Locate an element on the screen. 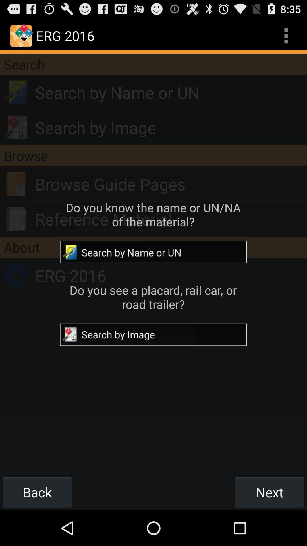 The height and width of the screenshot is (546, 307). next icon is located at coordinates (269, 492).